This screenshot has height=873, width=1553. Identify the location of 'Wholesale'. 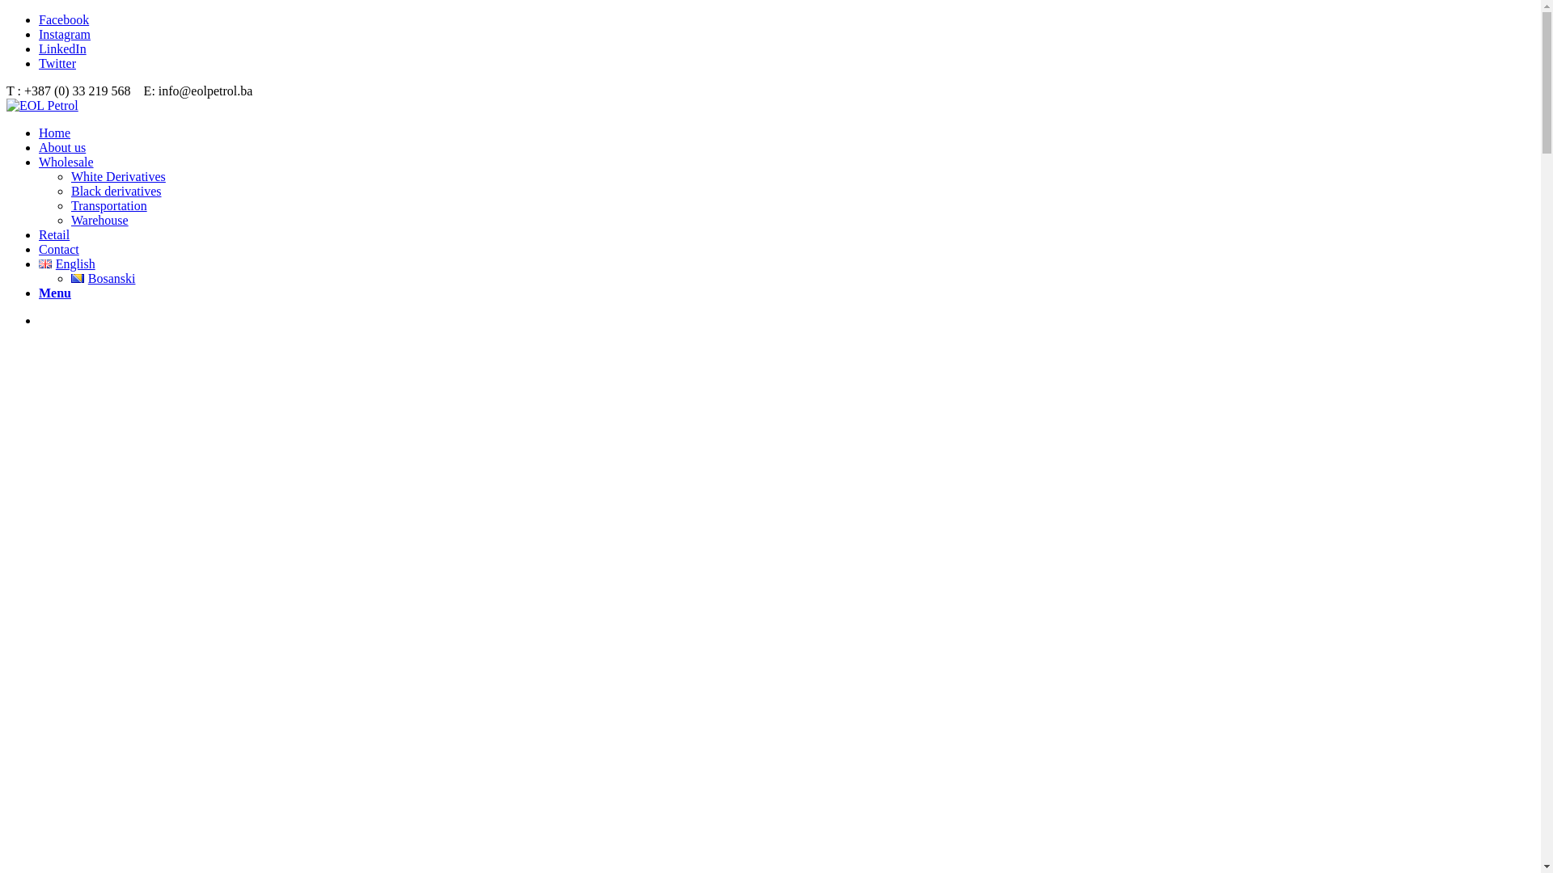
(65, 162).